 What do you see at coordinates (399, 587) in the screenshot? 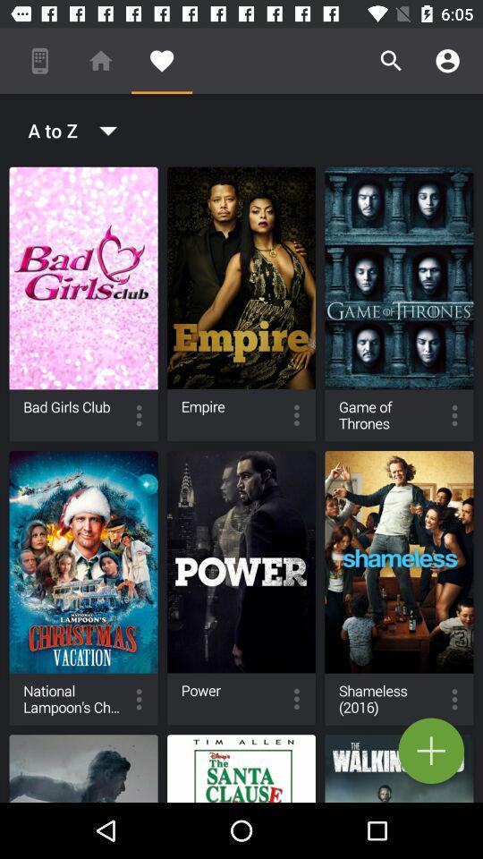
I see `third option in second row` at bounding box center [399, 587].